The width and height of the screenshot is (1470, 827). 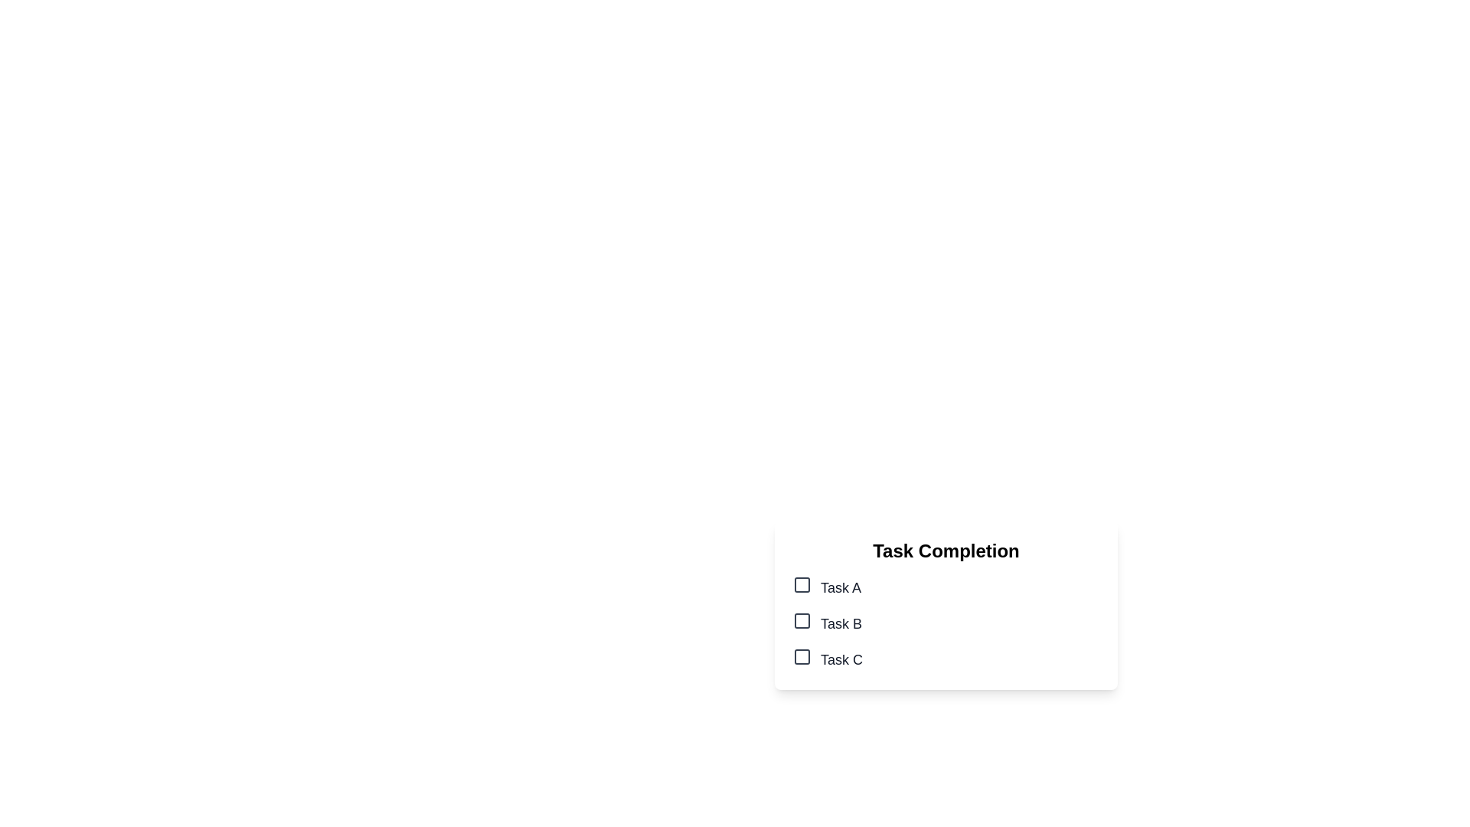 What do you see at coordinates (801, 655) in the screenshot?
I see `the checkbox next to the label 'Task C'` at bounding box center [801, 655].